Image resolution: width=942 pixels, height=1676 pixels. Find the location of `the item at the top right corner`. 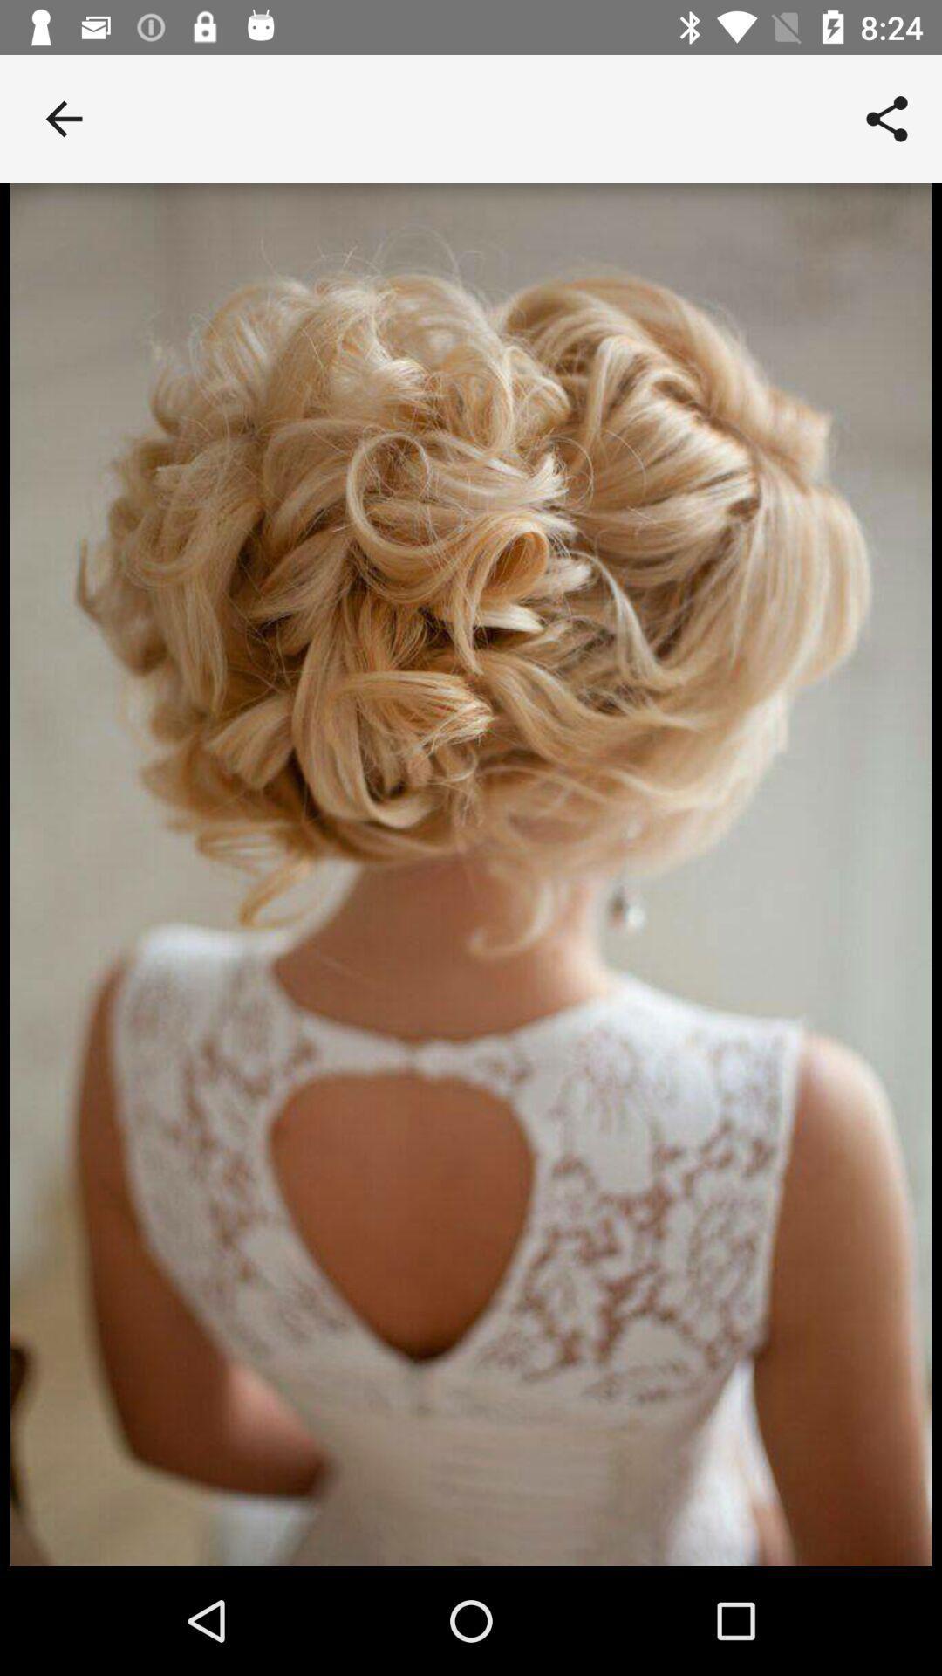

the item at the top right corner is located at coordinates (887, 118).